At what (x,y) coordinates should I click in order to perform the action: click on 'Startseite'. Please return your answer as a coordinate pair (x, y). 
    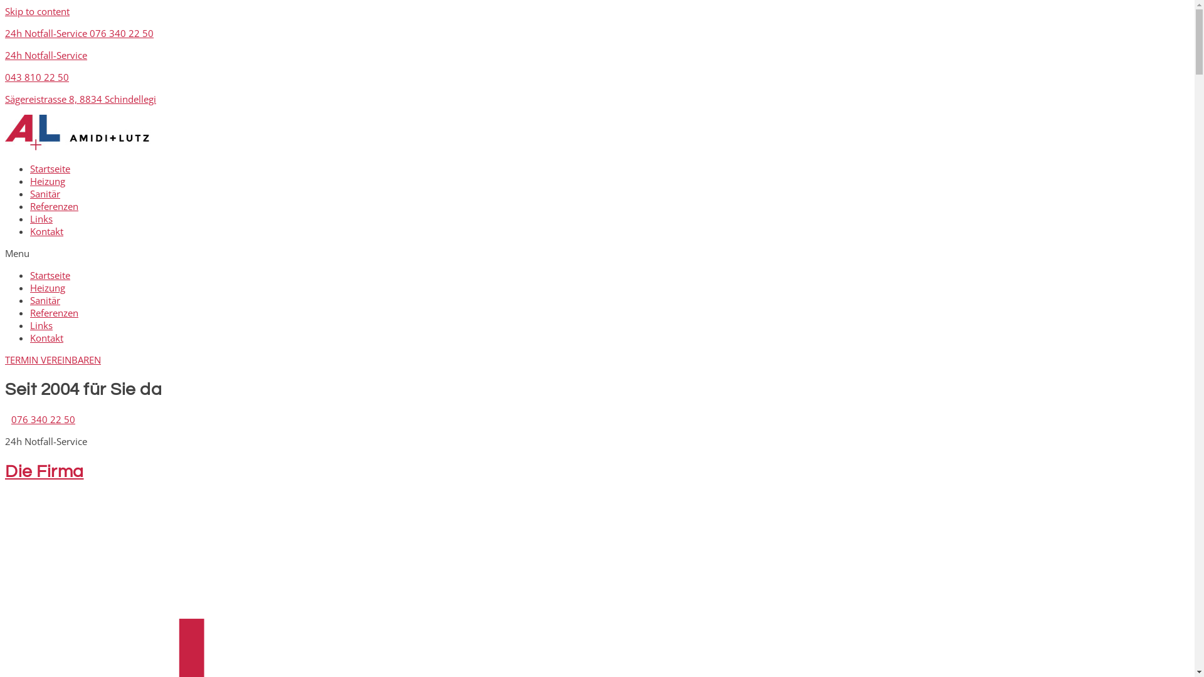
    Looking at the image, I should click on (30, 275).